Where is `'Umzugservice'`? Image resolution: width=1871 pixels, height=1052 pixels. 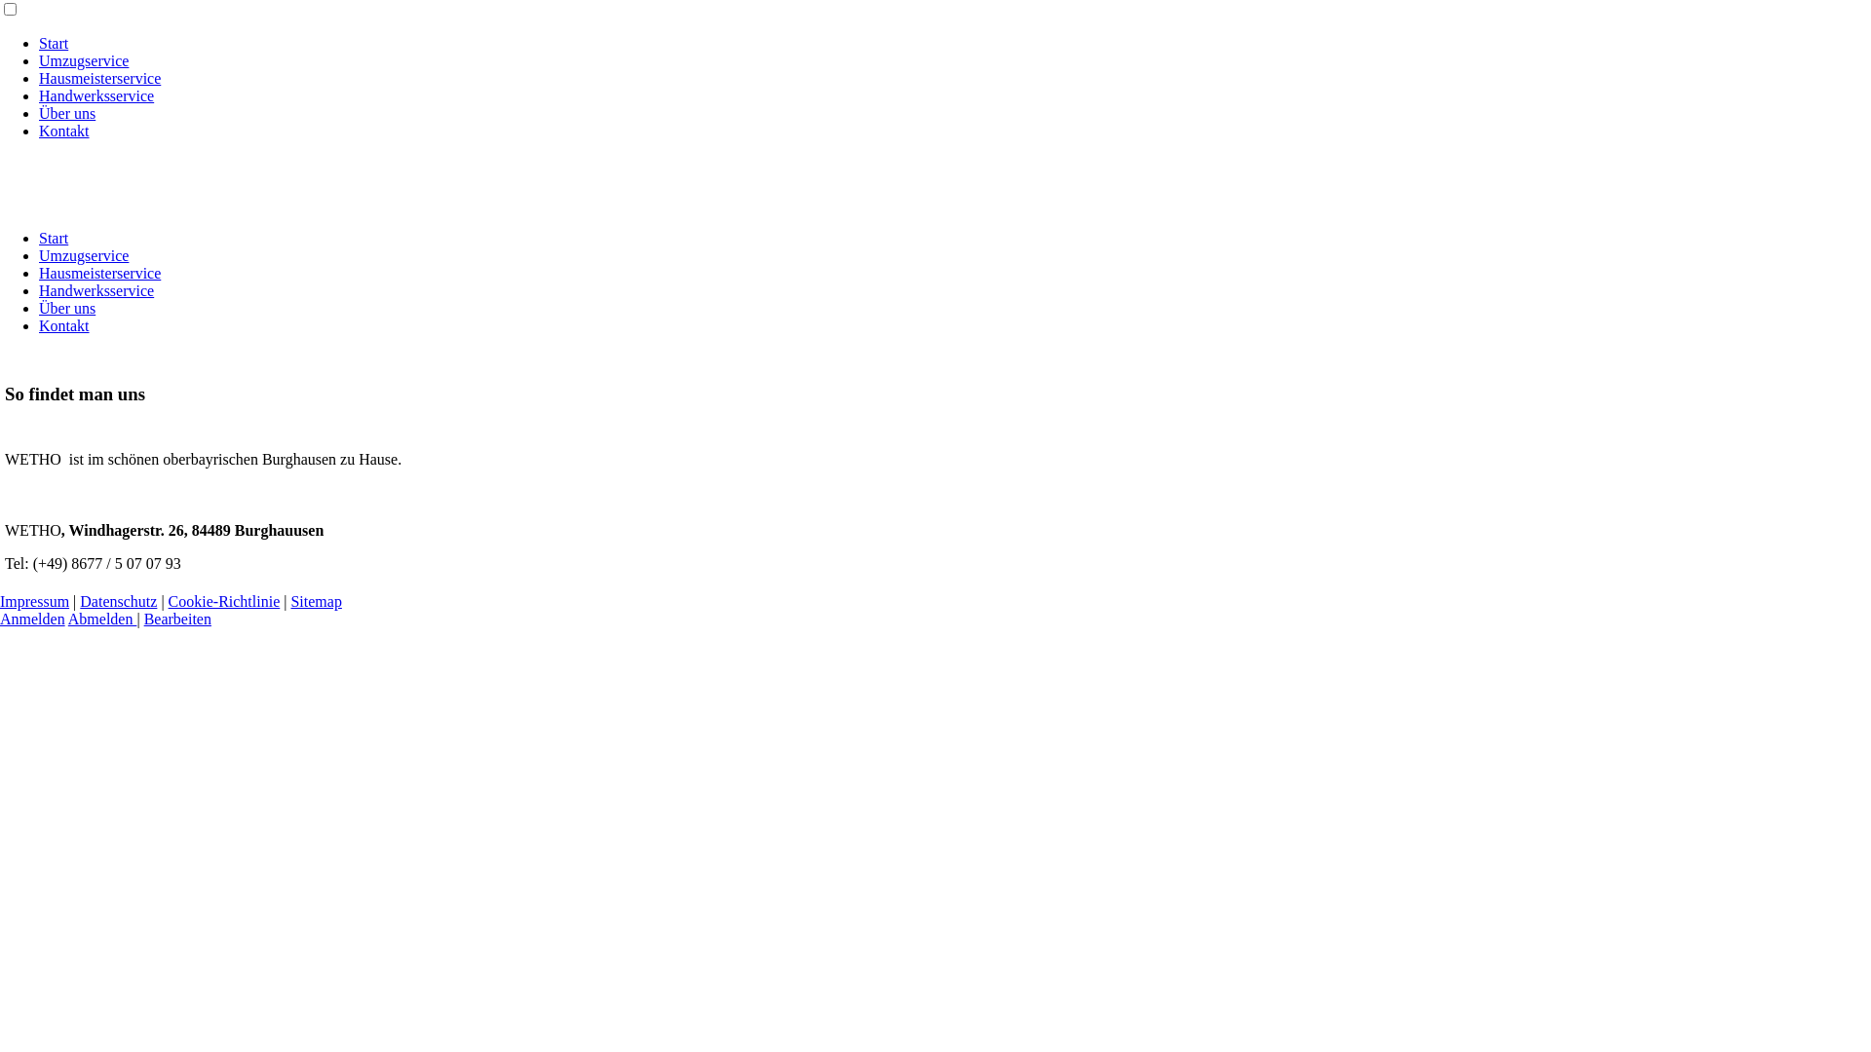
'Umzugservice' is located at coordinates (83, 59).